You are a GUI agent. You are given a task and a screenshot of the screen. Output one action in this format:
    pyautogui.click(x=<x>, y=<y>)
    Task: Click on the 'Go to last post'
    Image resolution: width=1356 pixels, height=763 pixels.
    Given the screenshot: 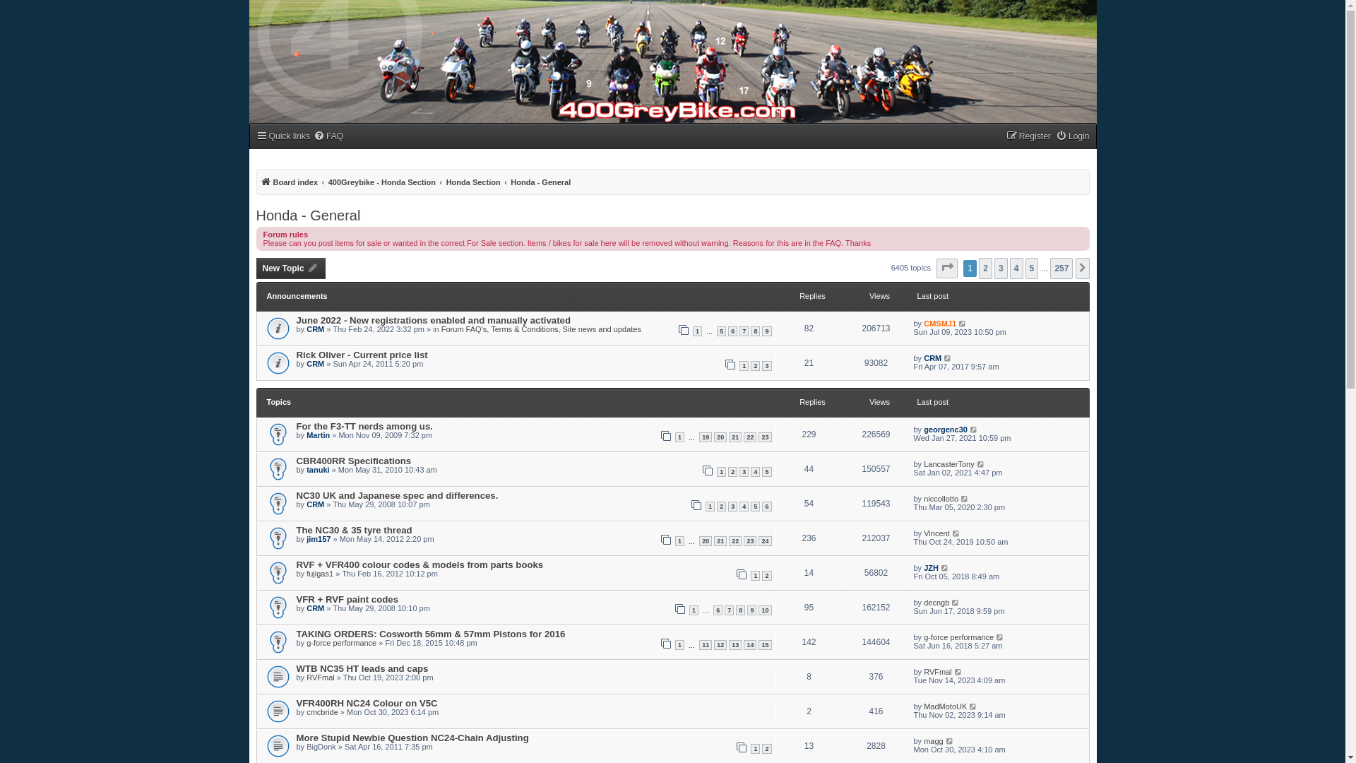 What is the action you would take?
    pyautogui.click(x=968, y=429)
    